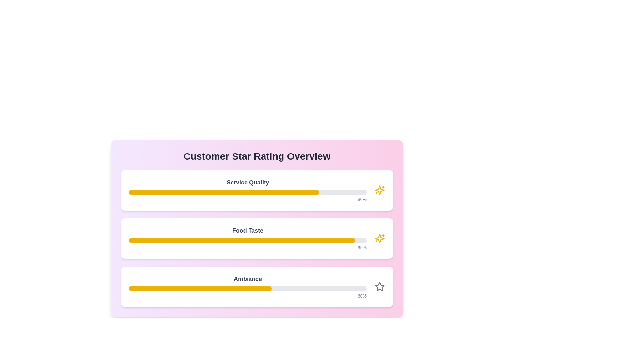 This screenshot has height=352, width=627. I want to click on the 'Ambiance' text label which is a bold, large-sized dark gray font located on the third card in the rating list, above a yellow rating bar, so click(247, 279).